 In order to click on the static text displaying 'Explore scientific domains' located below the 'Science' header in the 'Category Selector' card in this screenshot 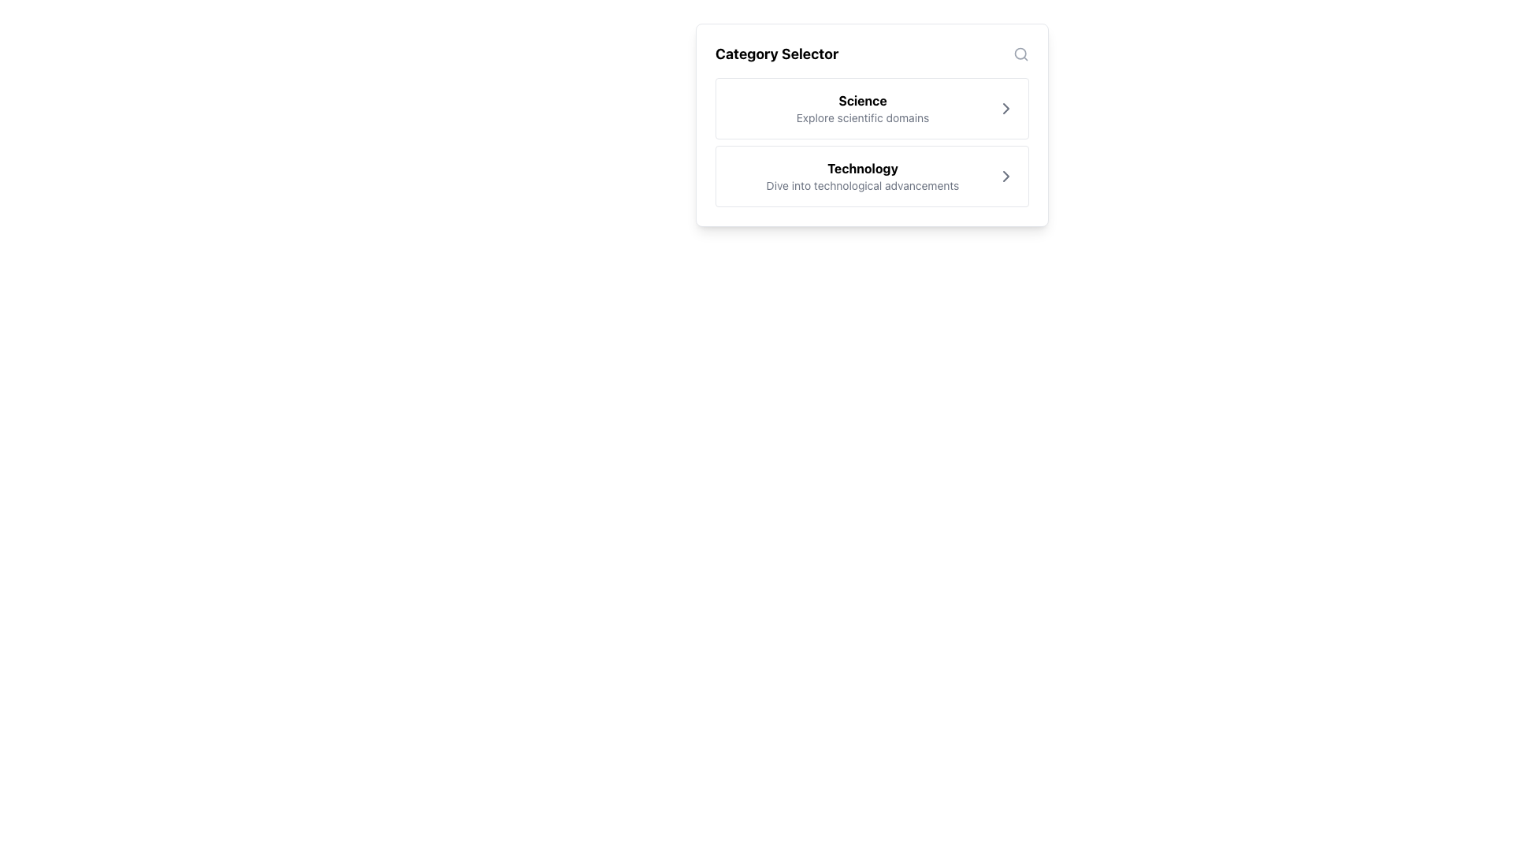, I will do `click(861, 117)`.